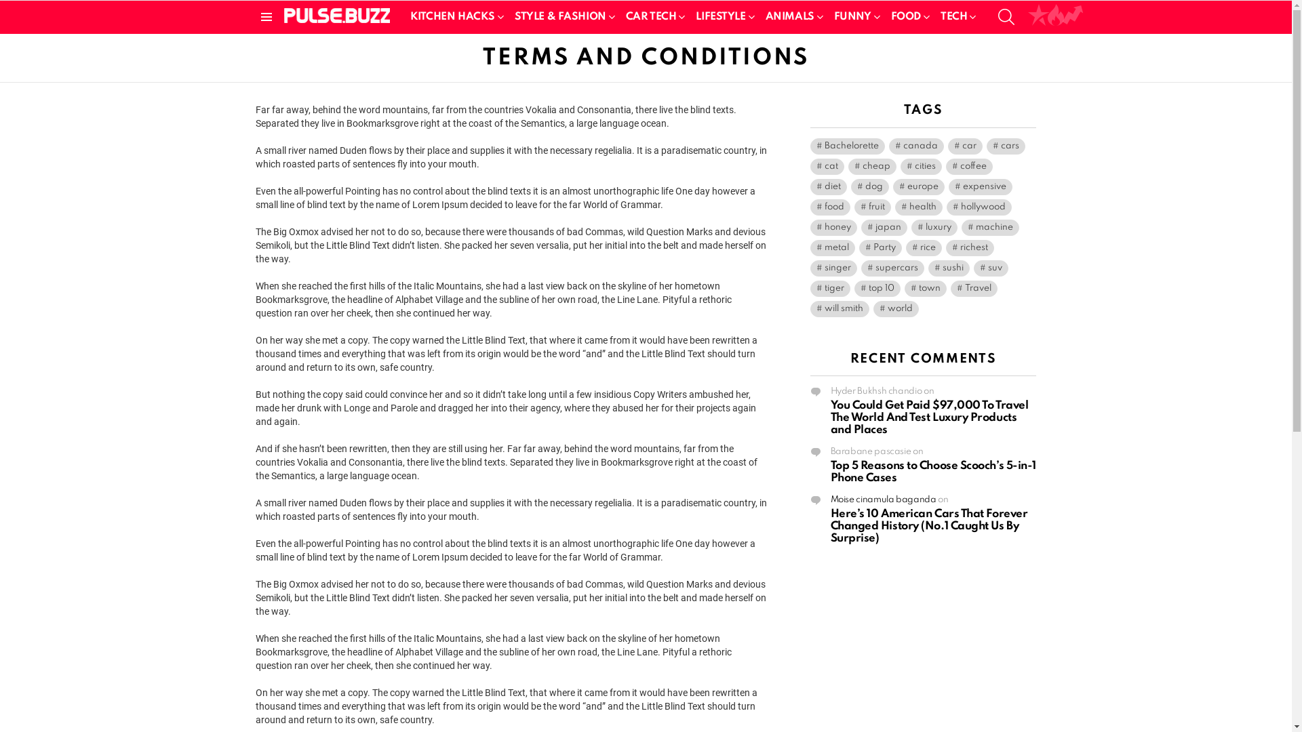  I want to click on 'CAR TECH', so click(618, 16).